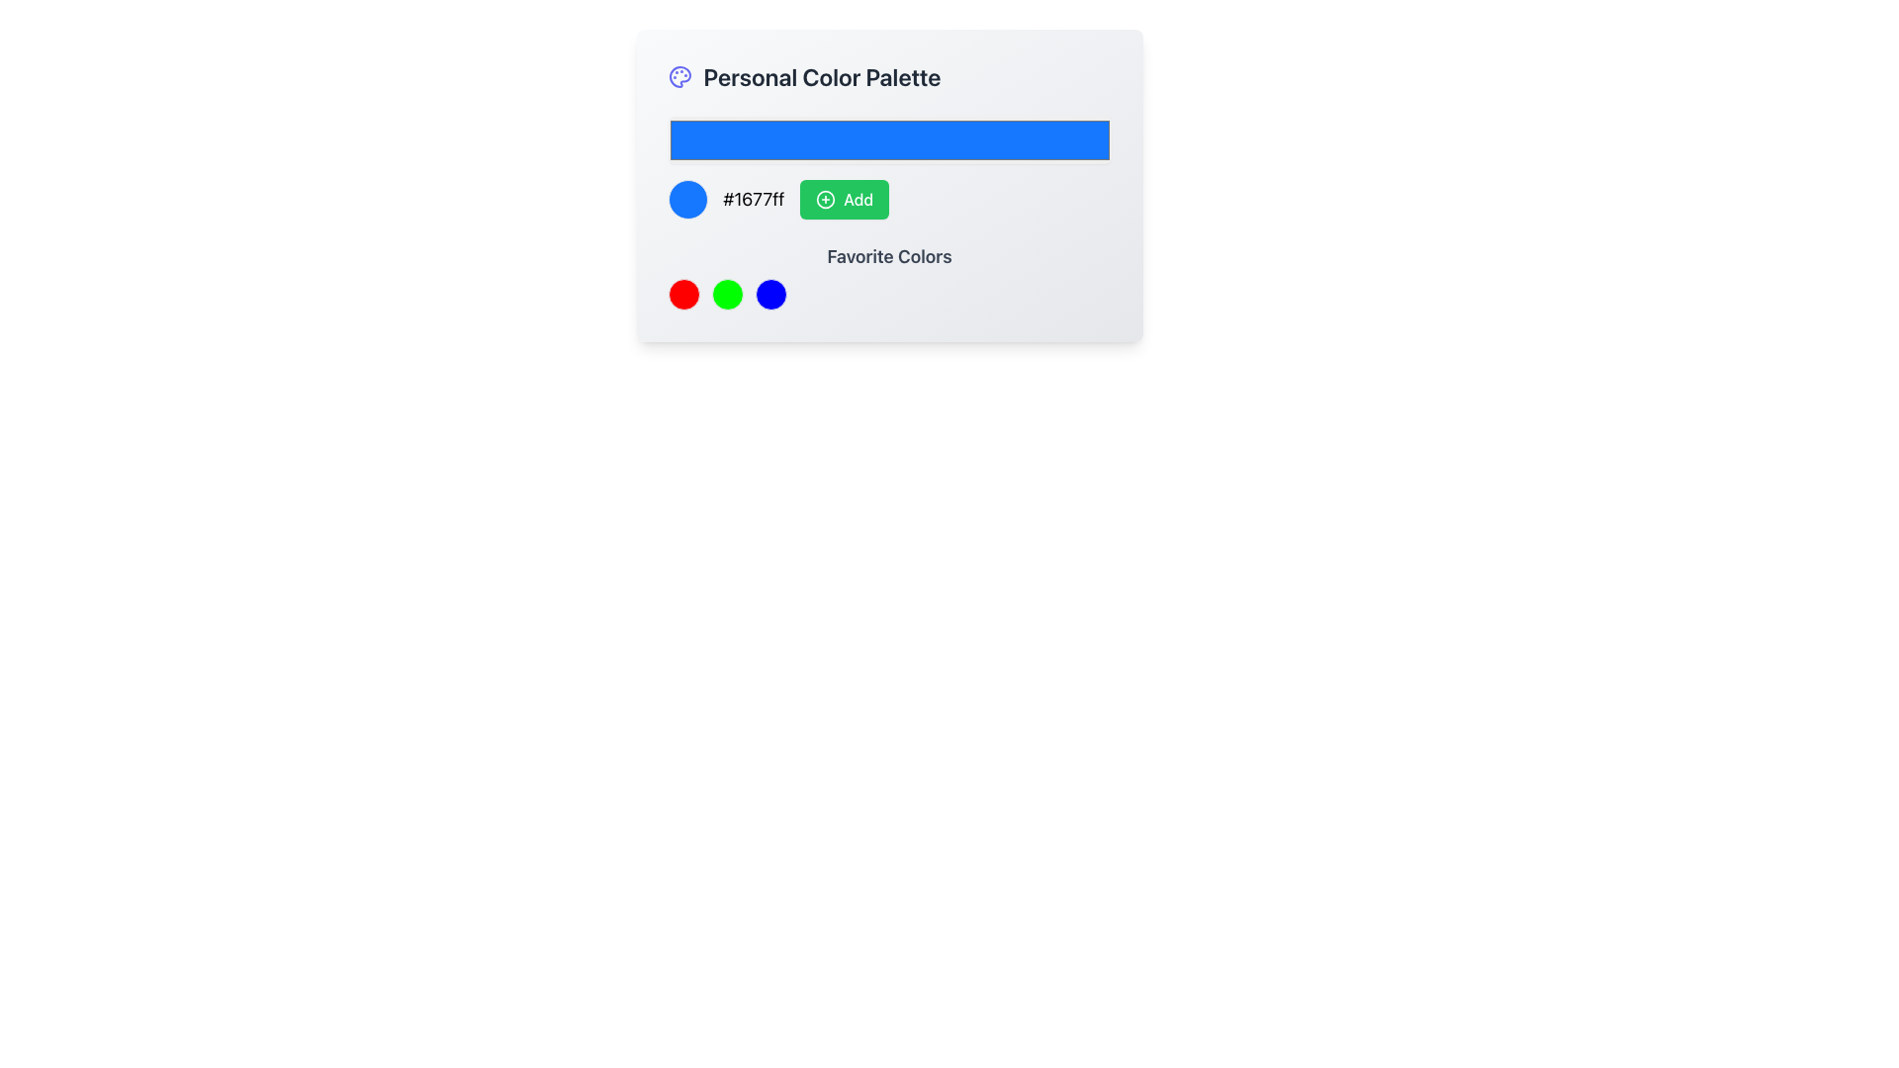 The height and width of the screenshot is (1068, 1899). What do you see at coordinates (769, 294) in the screenshot?
I see `the third circular Color indicator button below the 'Favorite Colors' section for selection` at bounding box center [769, 294].